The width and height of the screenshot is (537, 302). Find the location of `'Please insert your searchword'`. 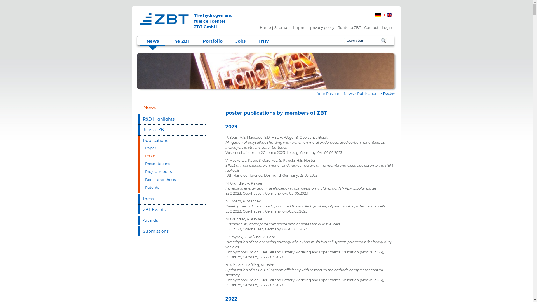

'Please insert your searchword' is located at coordinates (363, 40).